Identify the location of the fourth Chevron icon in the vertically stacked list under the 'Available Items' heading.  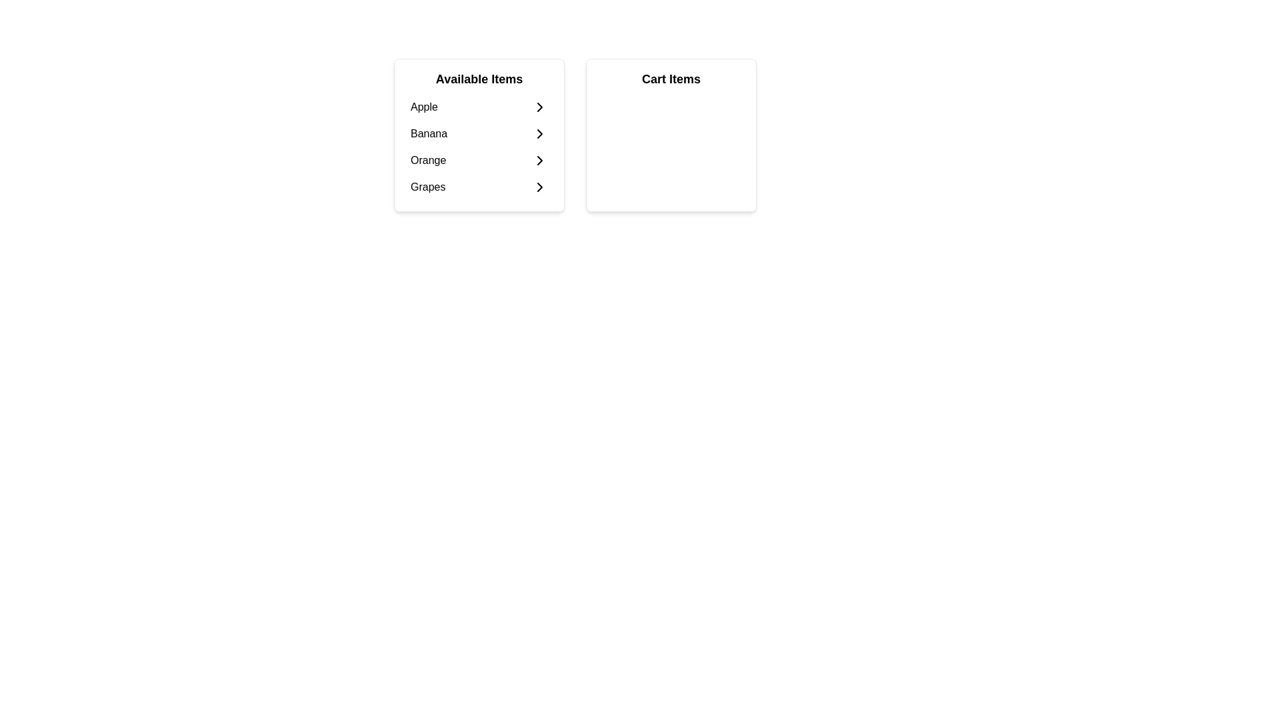
(540, 187).